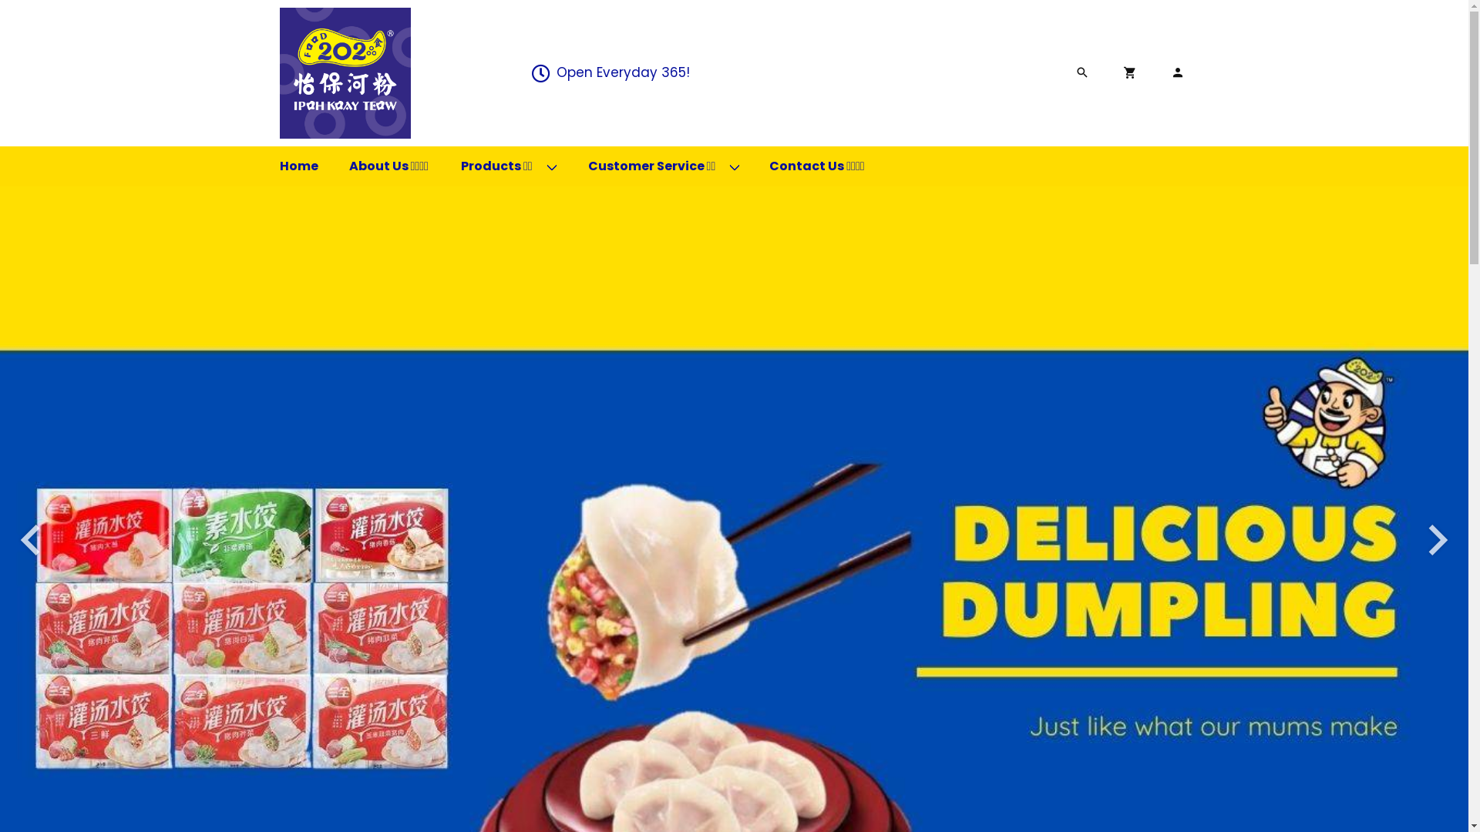 The height and width of the screenshot is (832, 1480). What do you see at coordinates (30, 539) in the screenshot?
I see `'Previous'` at bounding box center [30, 539].